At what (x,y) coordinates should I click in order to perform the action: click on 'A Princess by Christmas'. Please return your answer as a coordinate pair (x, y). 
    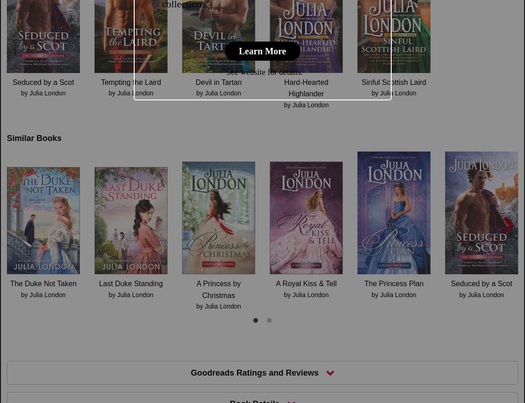
    Looking at the image, I should click on (196, 289).